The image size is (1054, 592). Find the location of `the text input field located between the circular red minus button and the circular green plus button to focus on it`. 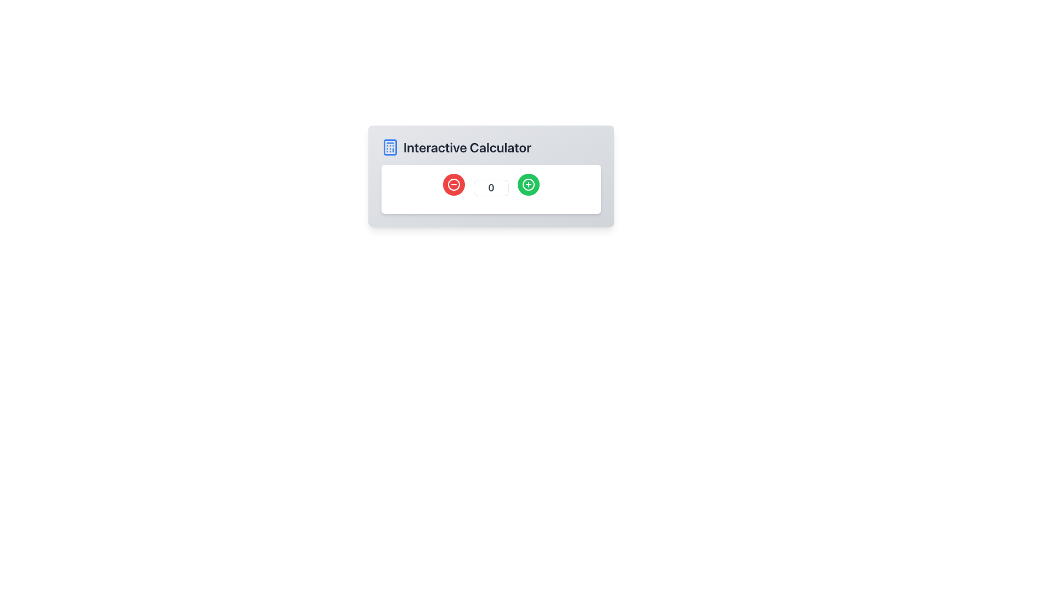

the text input field located between the circular red minus button and the circular green plus button to focus on it is located at coordinates (490, 184).